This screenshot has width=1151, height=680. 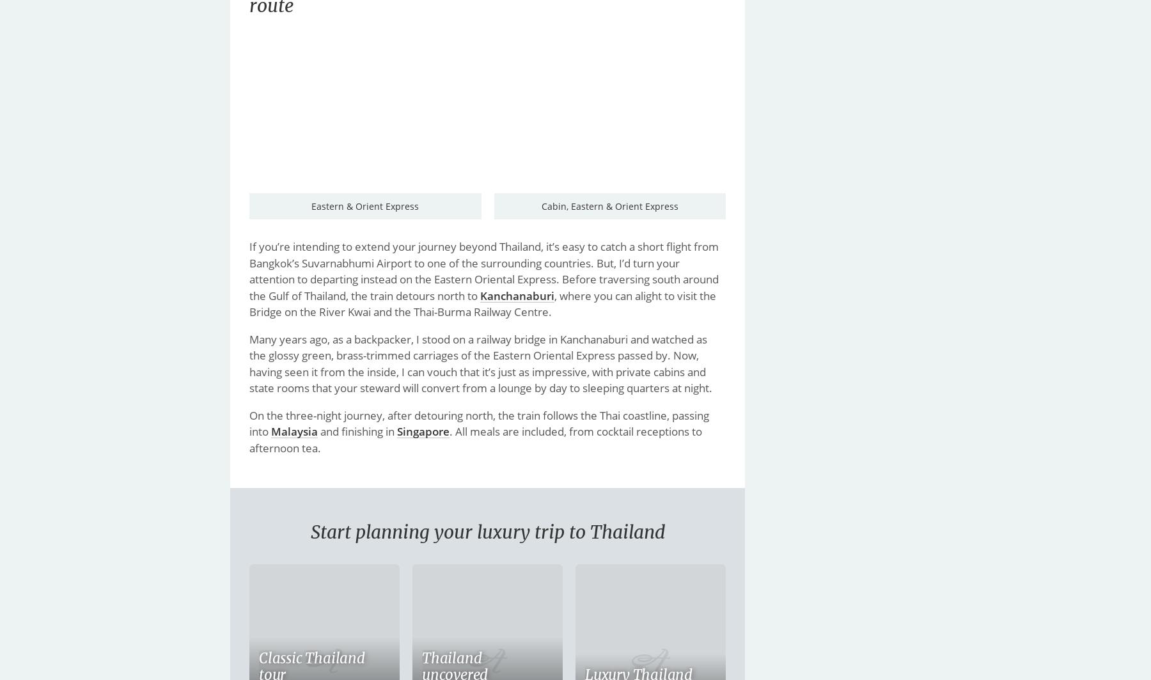 What do you see at coordinates (486, 532) in the screenshot?
I see `'Start planning your luxury trip to Thailand'` at bounding box center [486, 532].